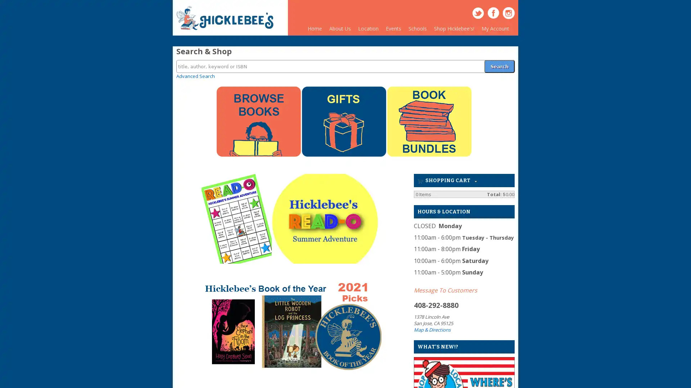 The image size is (691, 388). I want to click on Search, so click(499, 62).